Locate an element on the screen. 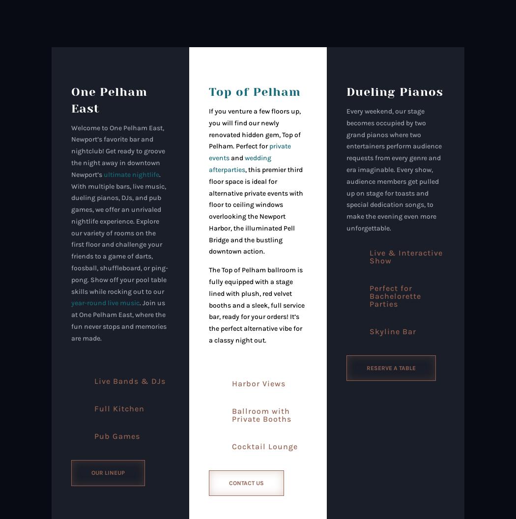  'Ballroom with Private Booths' is located at coordinates (261, 414).